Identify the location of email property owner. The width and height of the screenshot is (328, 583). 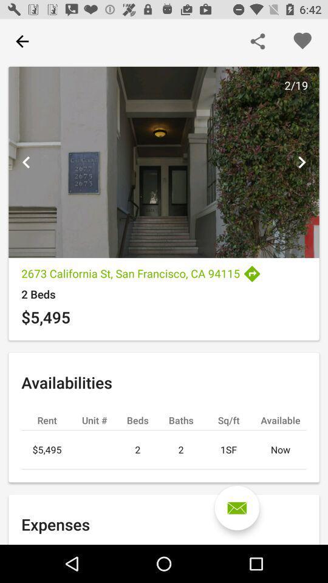
(237, 508).